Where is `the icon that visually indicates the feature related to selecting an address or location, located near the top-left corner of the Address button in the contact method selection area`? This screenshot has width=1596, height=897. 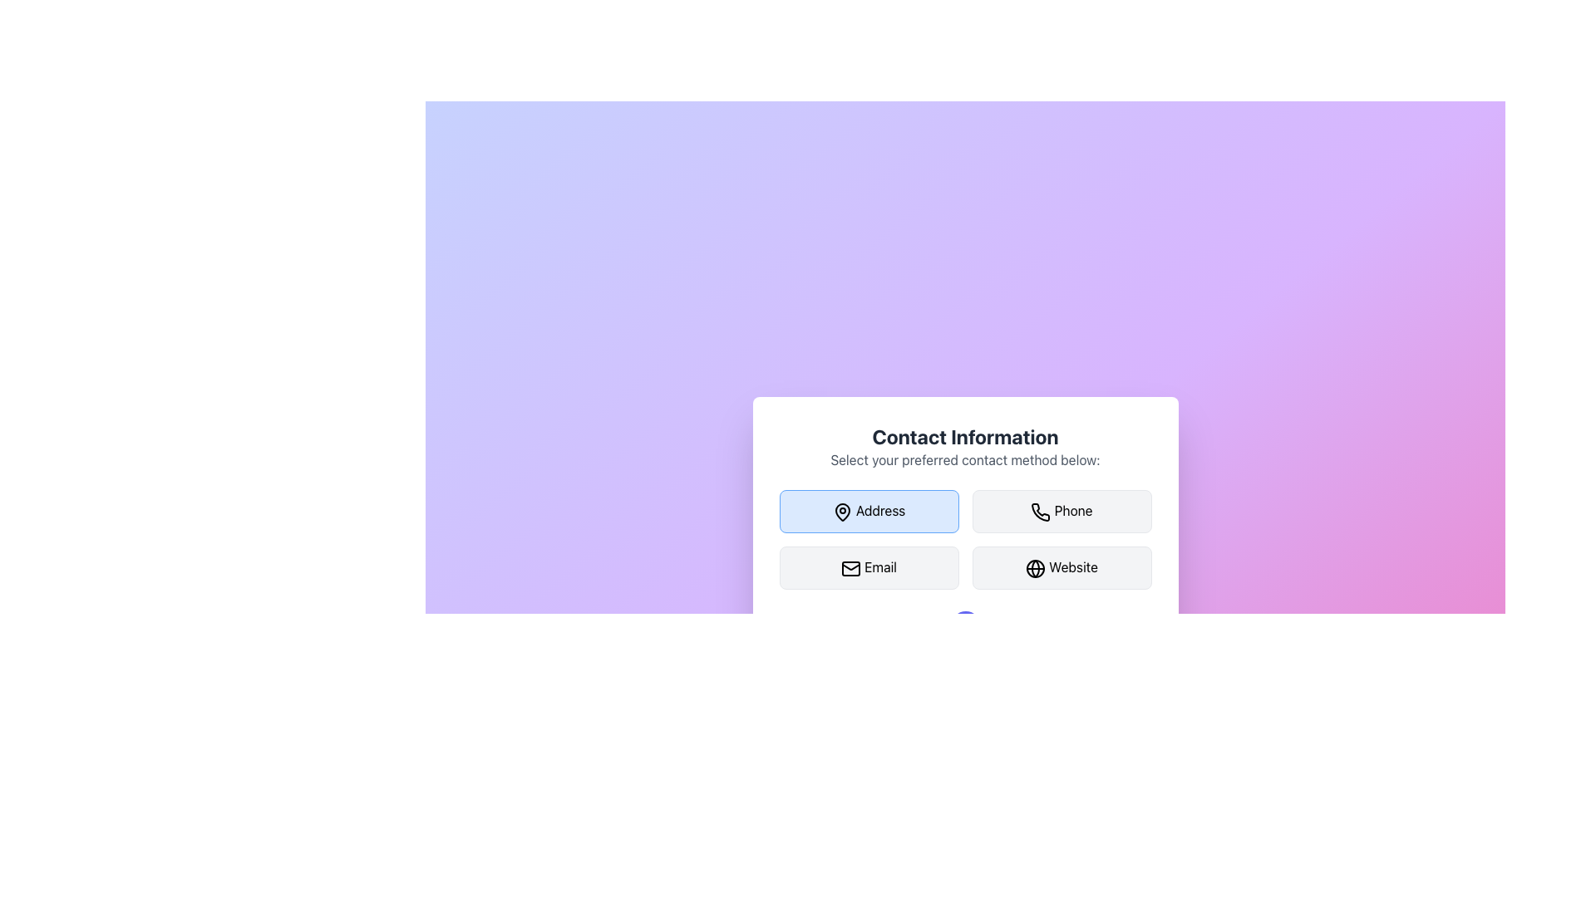 the icon that visually indicates the feature related to selecting an address or location, located near the top-left corner of the Address button in the contact method selection area is located at coordinates (842, 512).